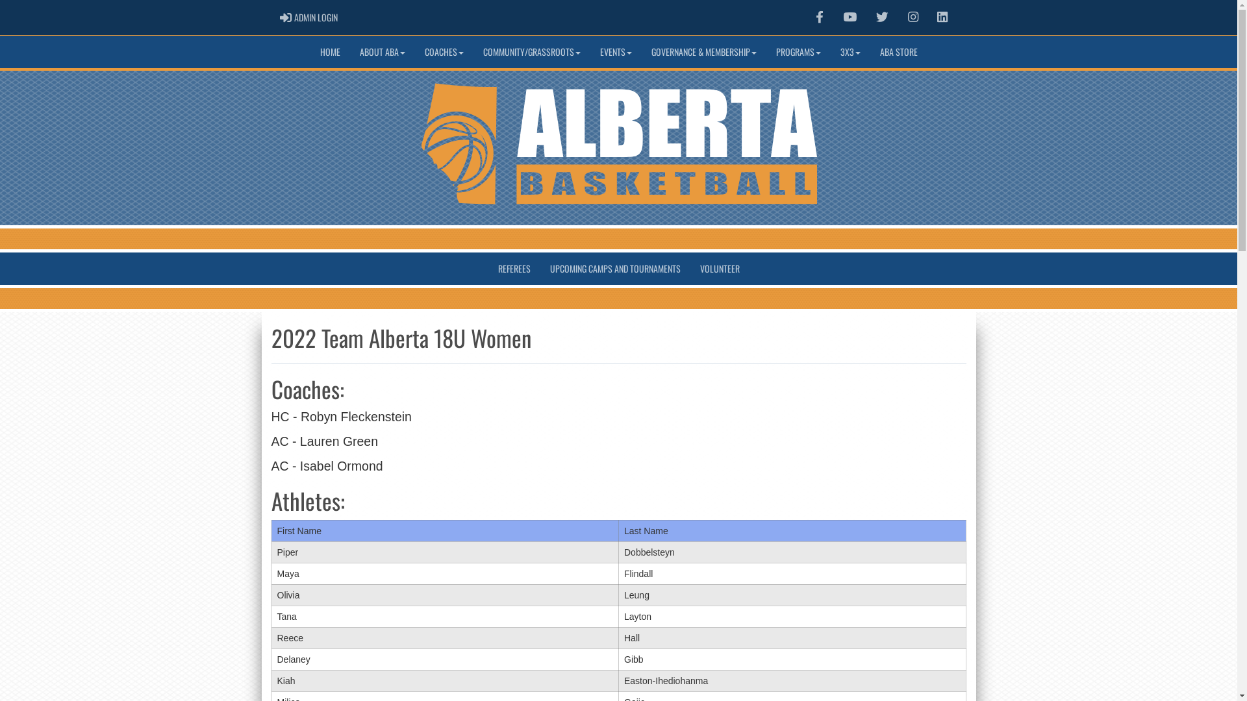 Image resolution: width=1247 pixels, height=701 pixels. What do you see at coordinates (443, 51) in the screenshot?
I see `'COACHES'` at bounding box center [443, 51].